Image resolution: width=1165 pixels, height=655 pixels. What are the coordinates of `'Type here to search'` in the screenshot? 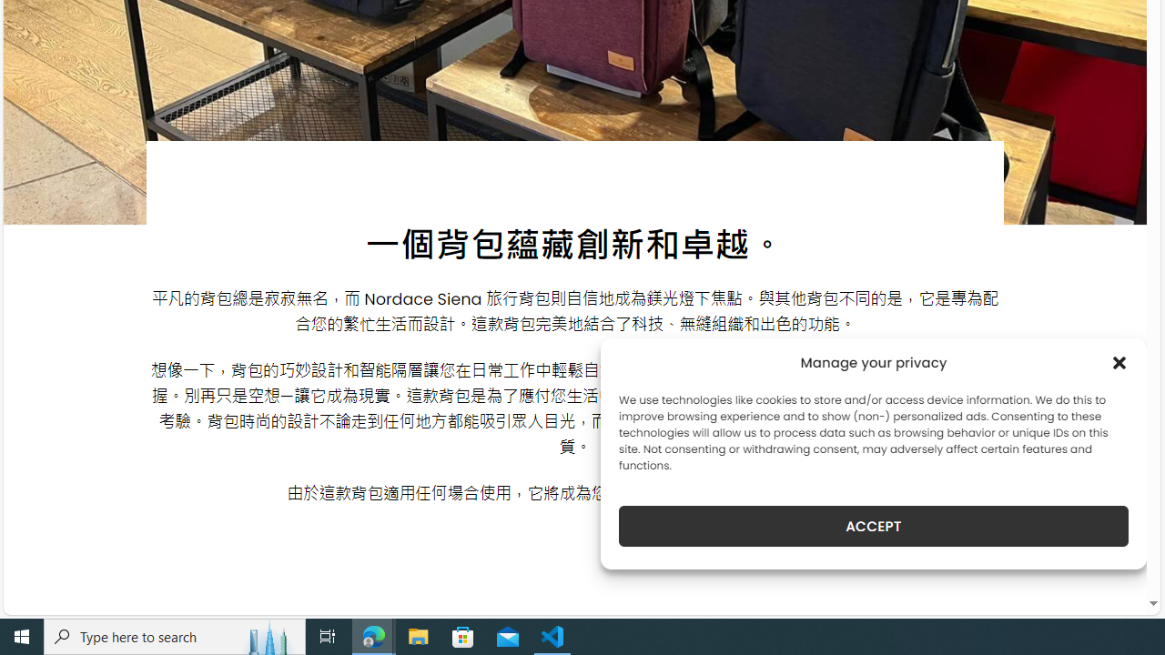 It's located at (175, 635).